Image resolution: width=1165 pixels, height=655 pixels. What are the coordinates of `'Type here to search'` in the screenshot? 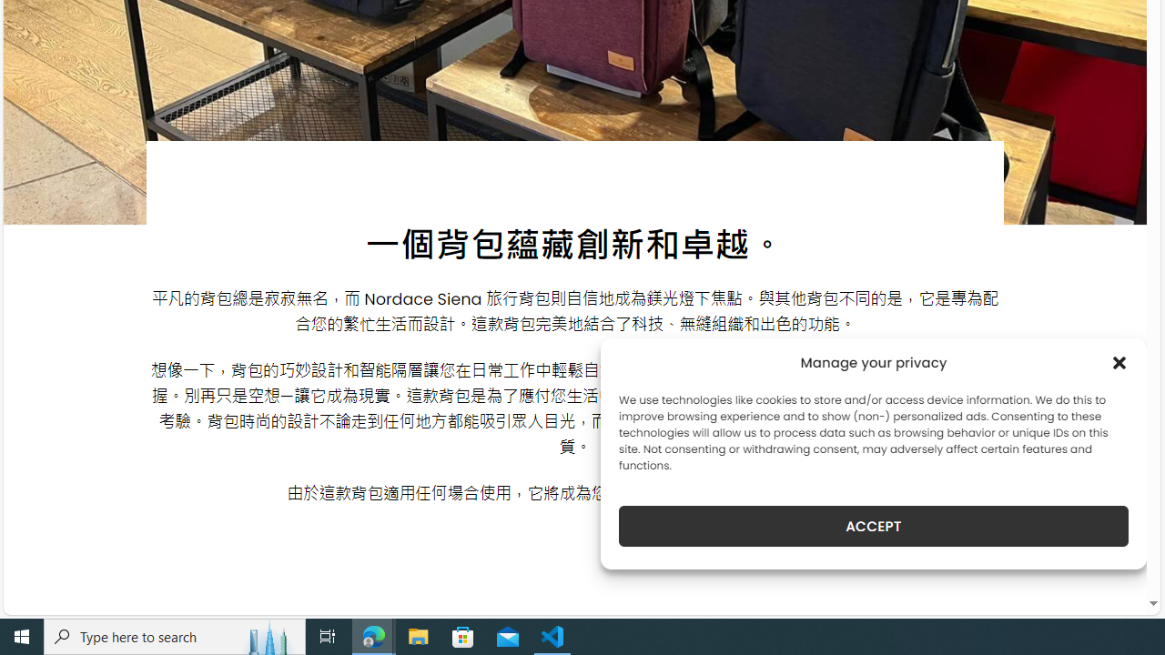 It's located at (175, 635).